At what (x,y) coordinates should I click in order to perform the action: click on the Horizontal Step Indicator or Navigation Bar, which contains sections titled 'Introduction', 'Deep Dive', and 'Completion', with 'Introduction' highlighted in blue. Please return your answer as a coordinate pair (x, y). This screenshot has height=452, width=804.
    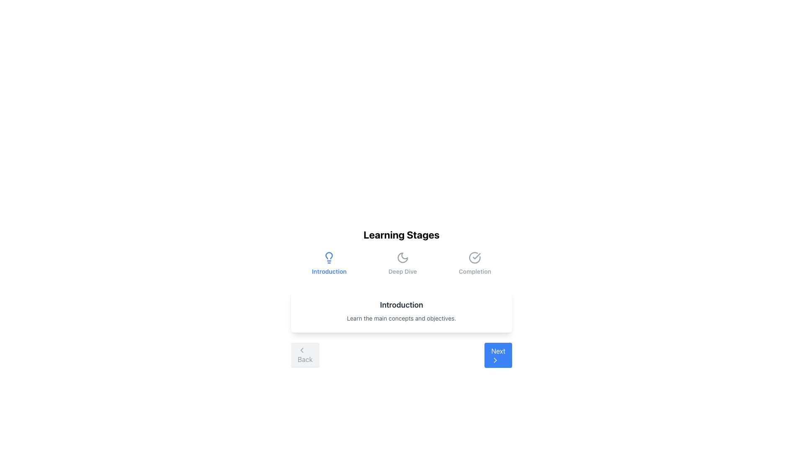
    Looking at the image, I should click on (401, 263).